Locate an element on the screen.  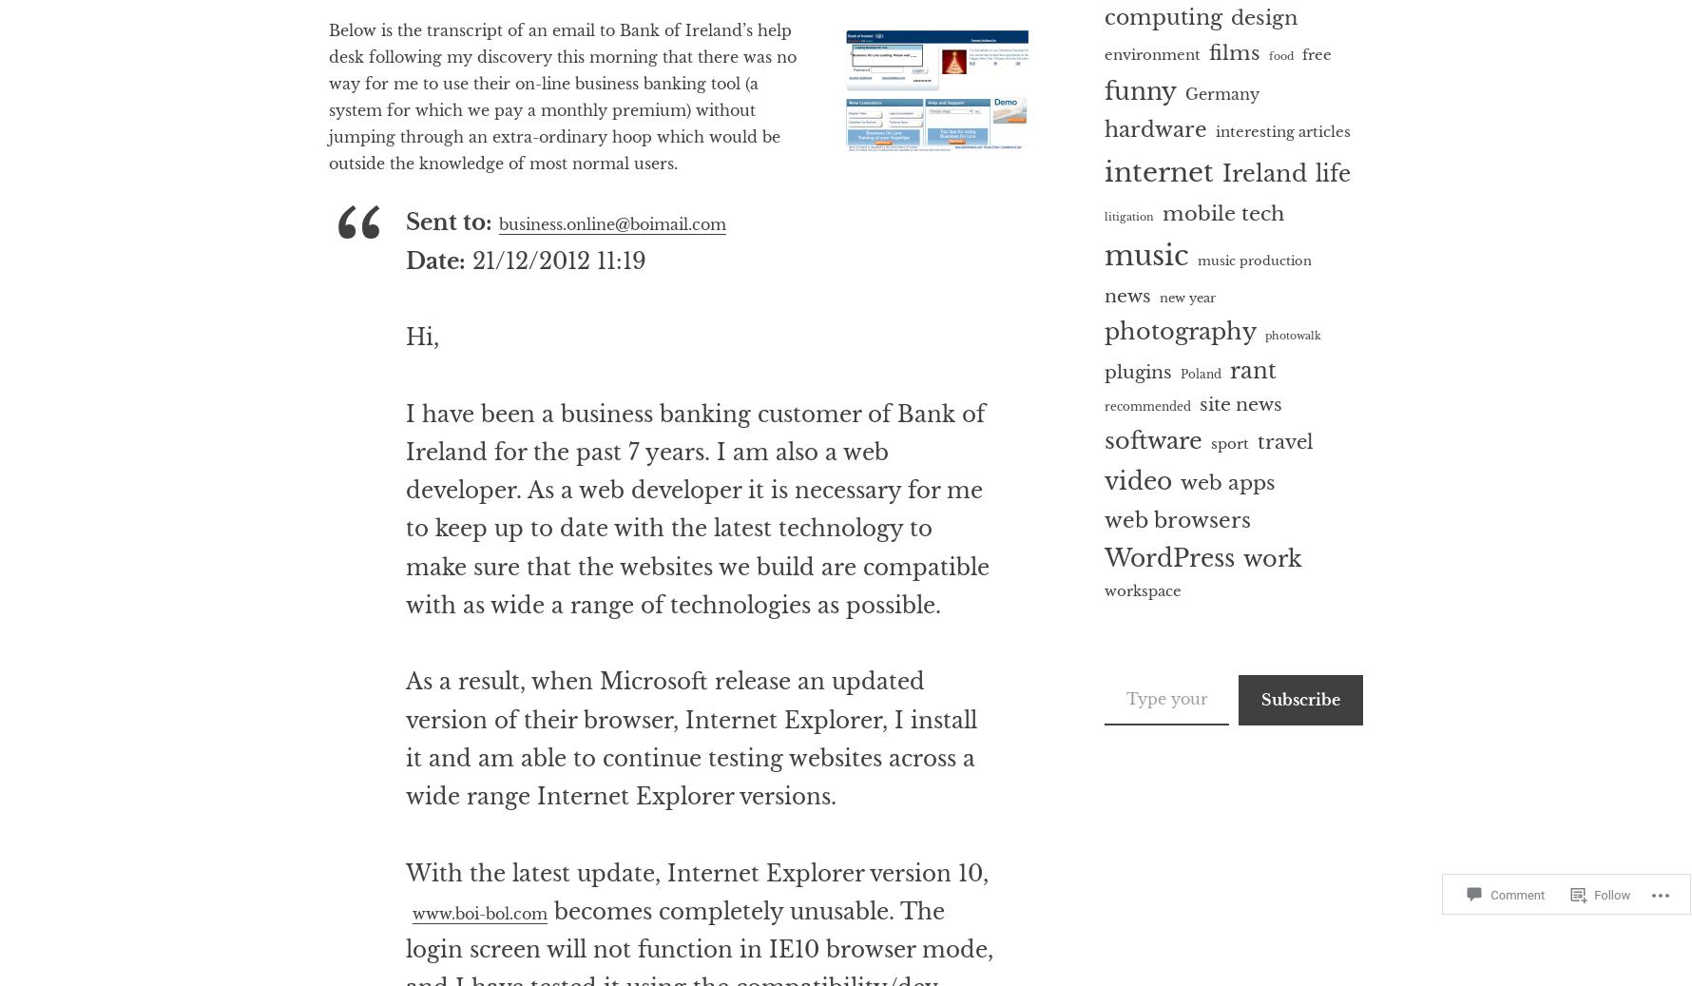
'Poland' is located at coordinates (1200, 373).